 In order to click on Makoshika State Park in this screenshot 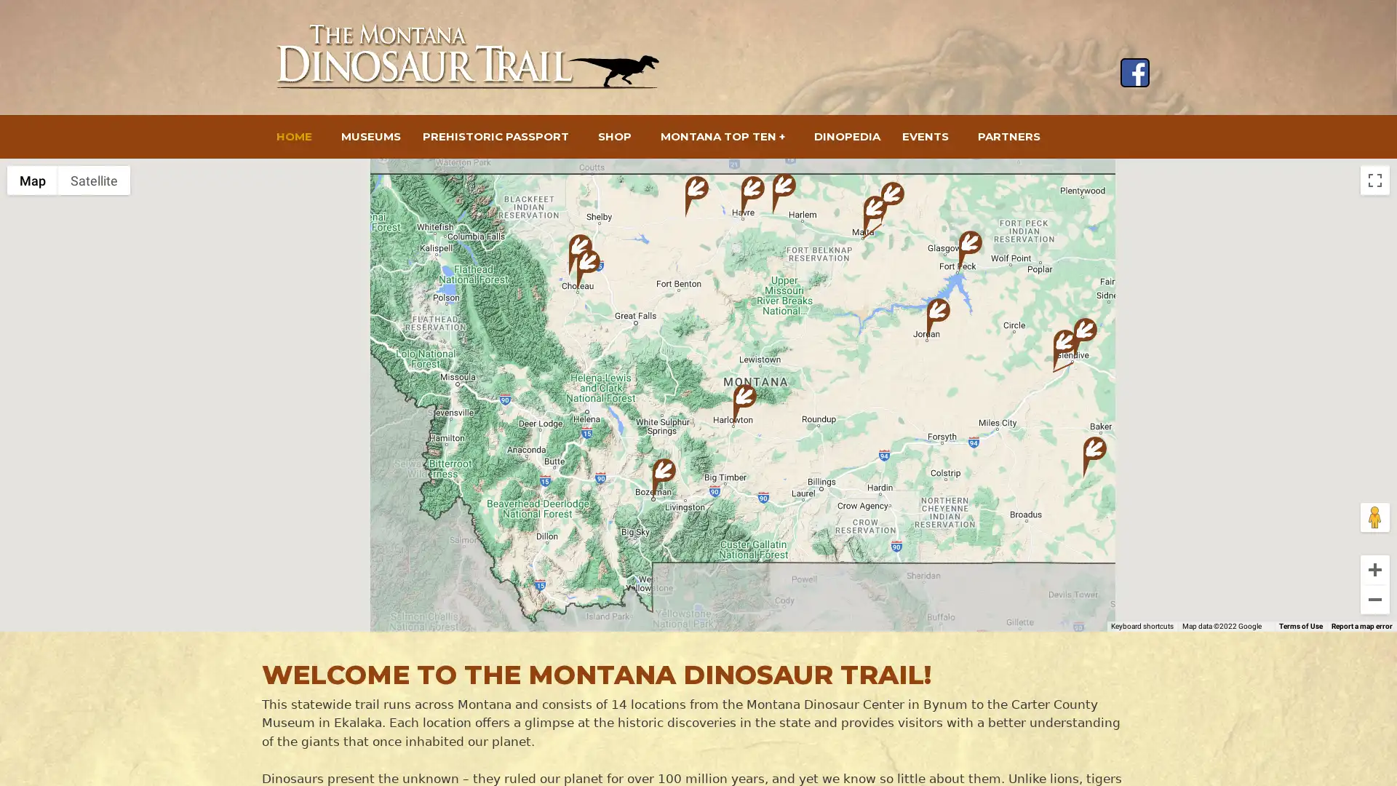, I will do `click(1065, 350)`.